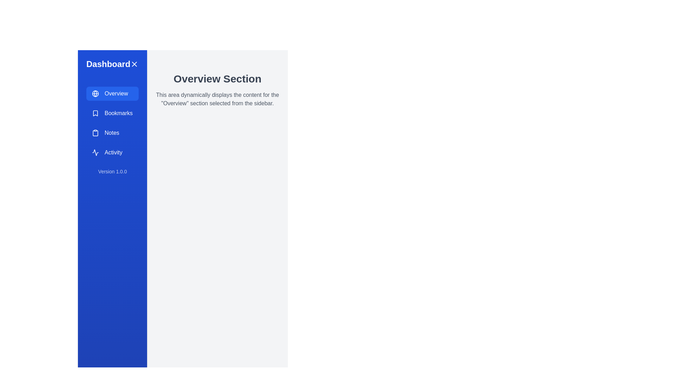 The width and height of the screenshot is (674, 379). Describe the element at coordinates (134, 64) in the screenshot. I see `the close button to close the sidebar` at that location.